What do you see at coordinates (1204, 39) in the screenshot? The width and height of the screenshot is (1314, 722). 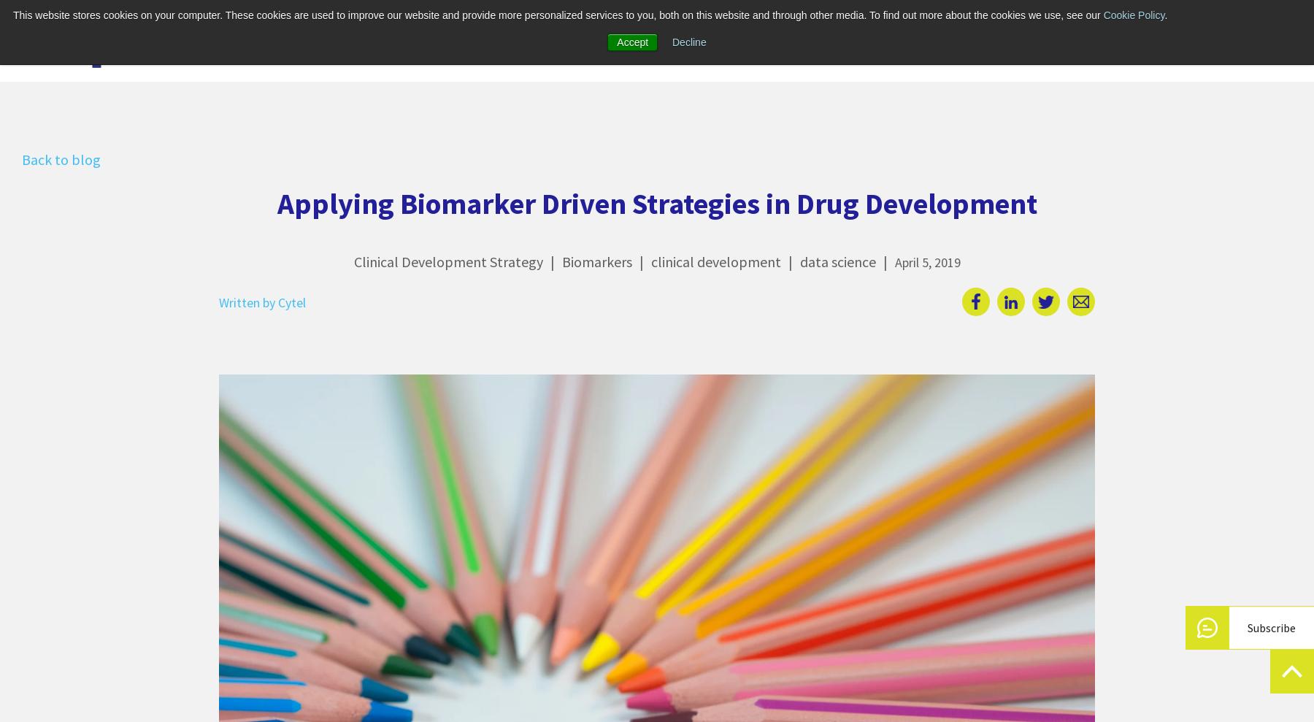 I see `'Login'` at bounding box center [1204, 39].